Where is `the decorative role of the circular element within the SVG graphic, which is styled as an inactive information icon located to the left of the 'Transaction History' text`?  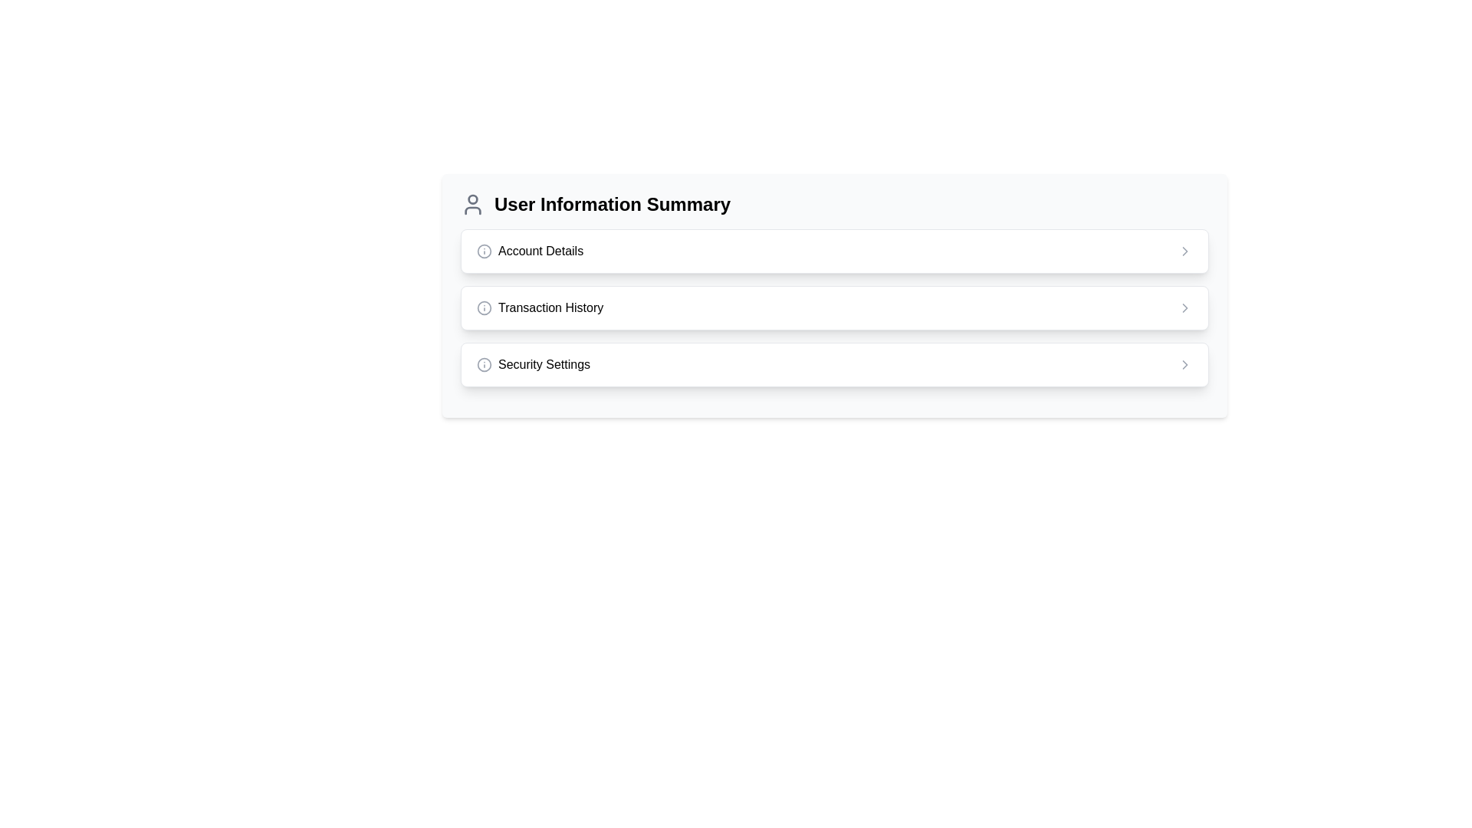 the decorative role of the circular element within the SVG graphic, which is styled as an inactive information icon located to the left of the 'Transaction History' text is located at coordinates (484, 307).